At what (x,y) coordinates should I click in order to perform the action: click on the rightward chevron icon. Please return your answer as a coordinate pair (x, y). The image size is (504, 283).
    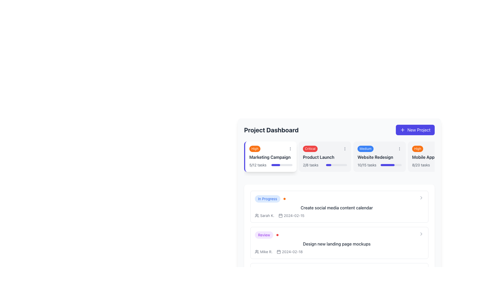
    Looking at the image, I should click on (421, 234).